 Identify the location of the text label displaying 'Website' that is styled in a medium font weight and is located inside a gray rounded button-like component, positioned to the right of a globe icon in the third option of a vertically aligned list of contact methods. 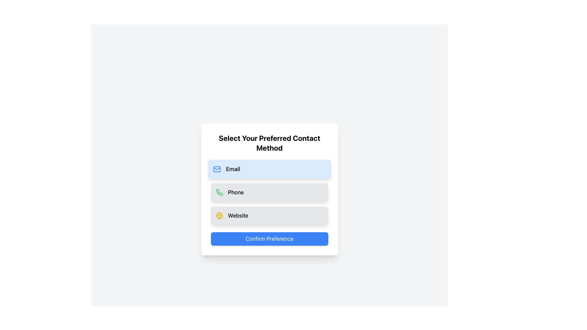
(238, 215).